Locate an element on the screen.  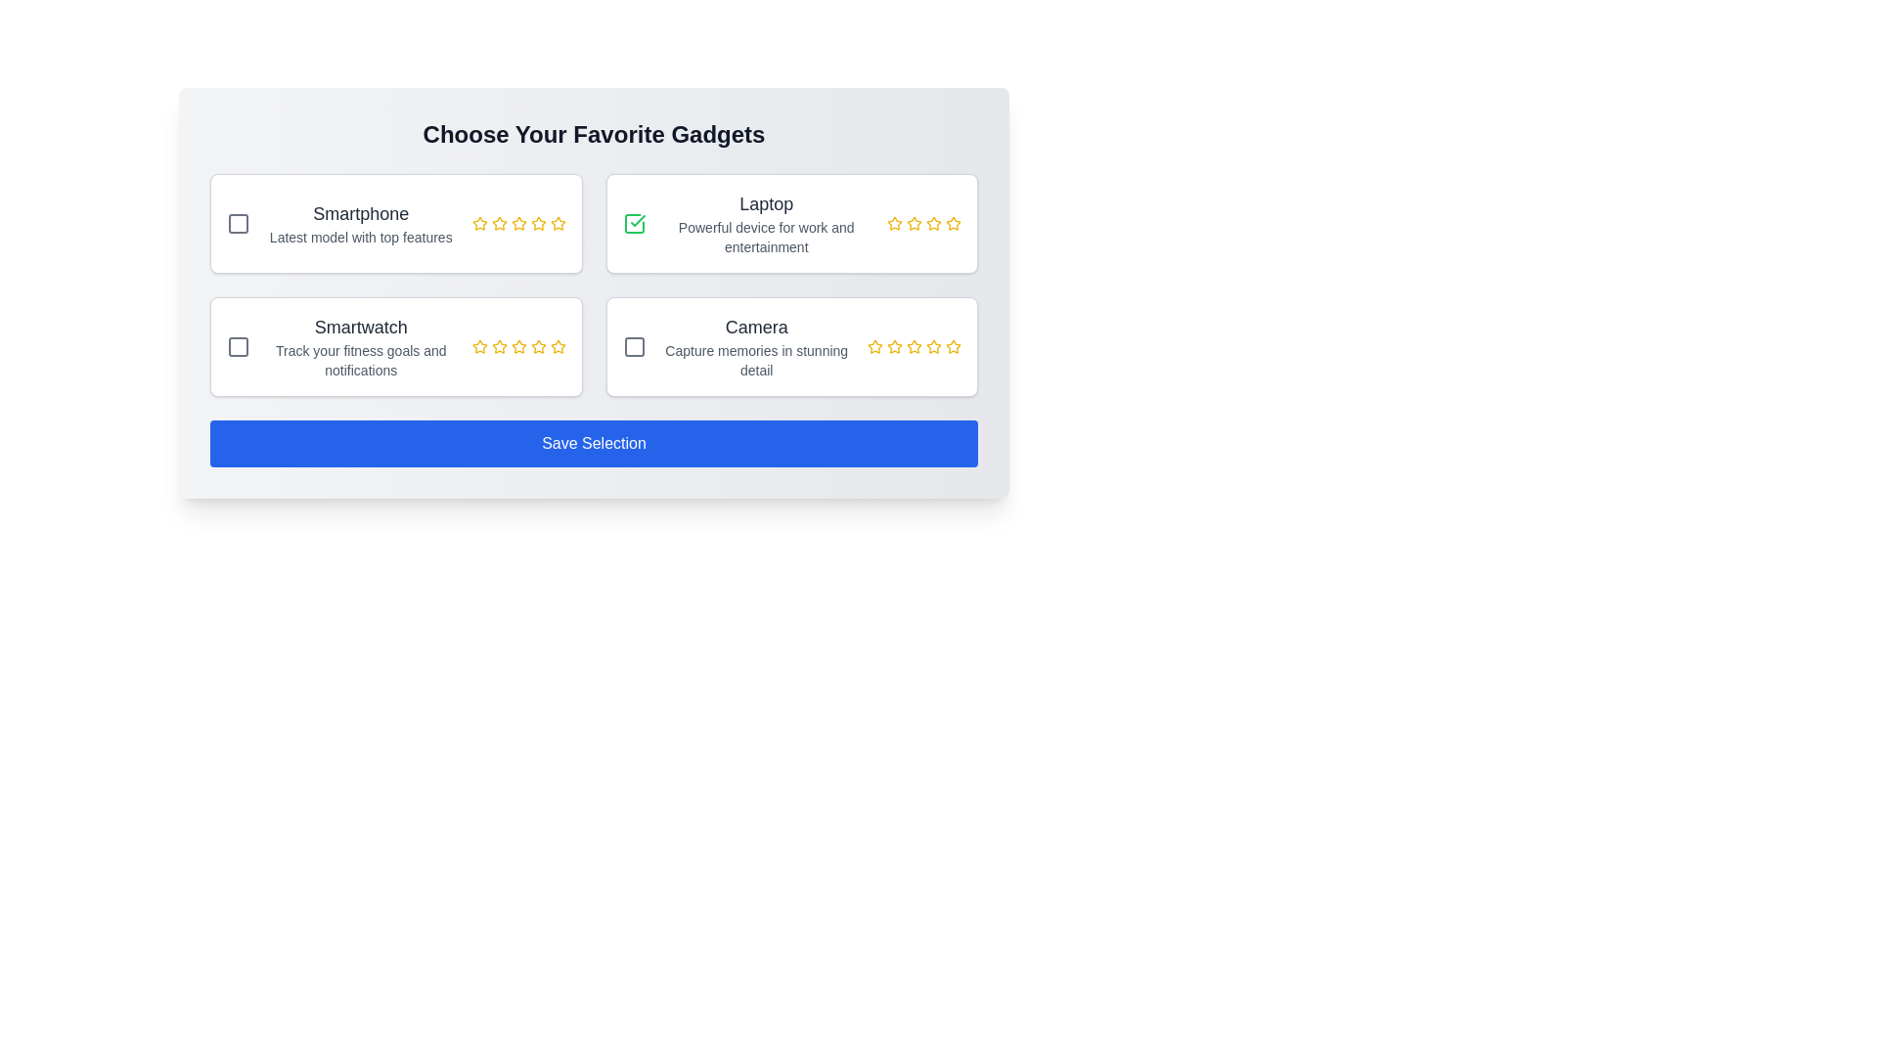
the third yellow rating star icon in the 'Smartphone' section is located at coordinates (518, 222).